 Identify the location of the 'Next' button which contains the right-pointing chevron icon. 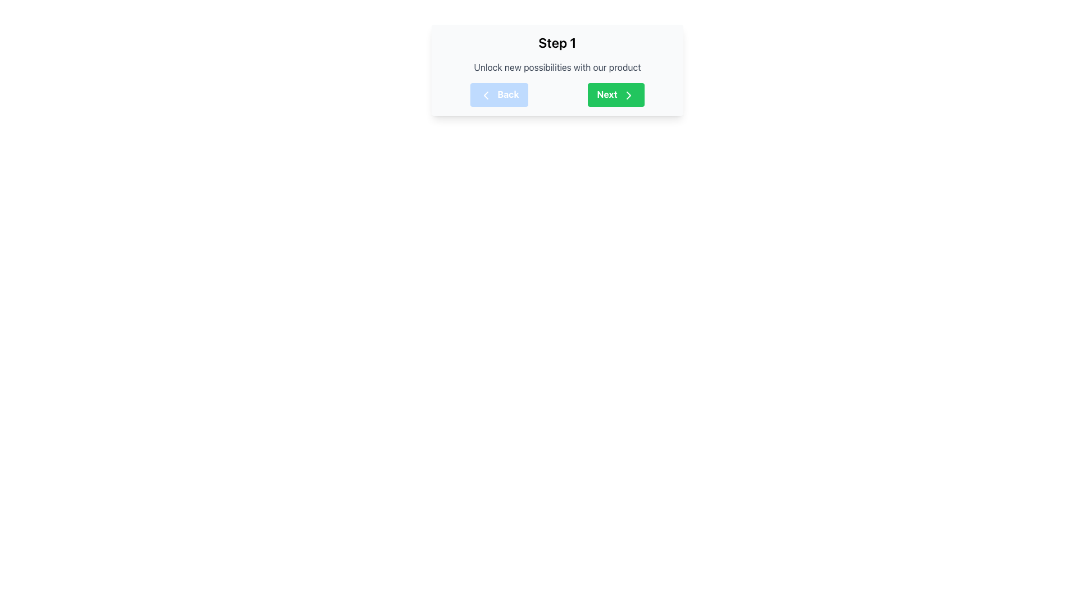
(628, 94).